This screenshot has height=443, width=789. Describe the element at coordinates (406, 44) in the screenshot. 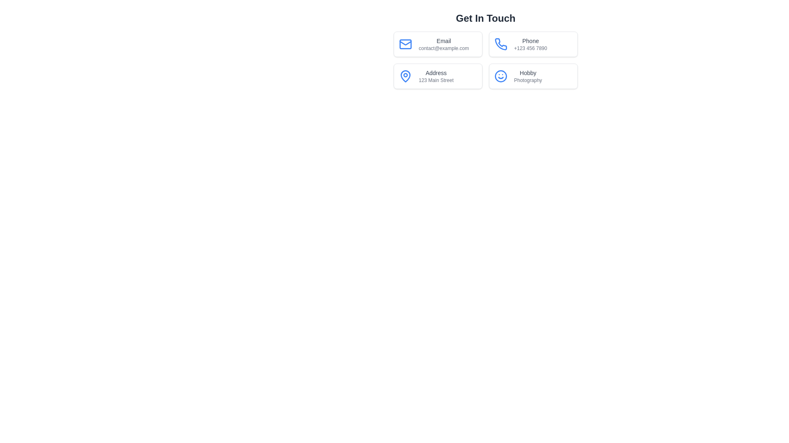

I see `the blue envelope icon located in the upper-left corner of the card labeled 'Email contact@example.com'` at that location.